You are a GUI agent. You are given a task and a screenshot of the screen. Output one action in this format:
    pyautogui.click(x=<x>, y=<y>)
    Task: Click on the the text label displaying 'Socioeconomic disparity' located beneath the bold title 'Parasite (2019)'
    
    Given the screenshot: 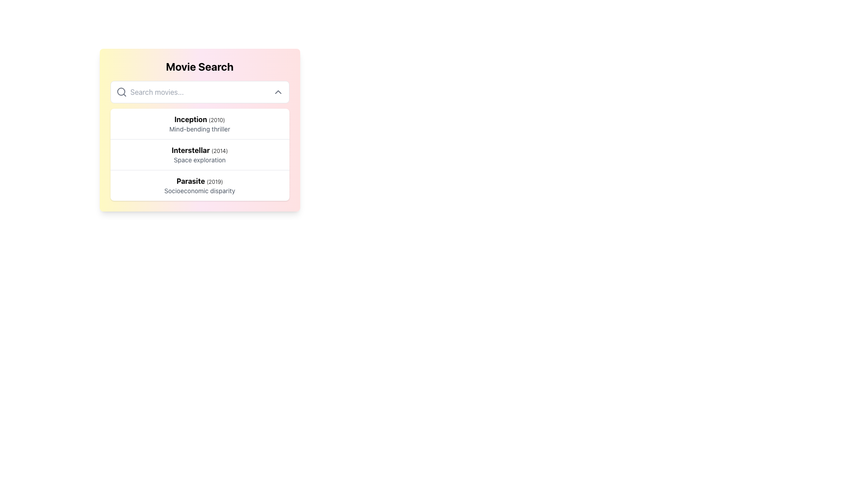 What is the action you would take?
    pyautogui.click(x=199, y=191)
    